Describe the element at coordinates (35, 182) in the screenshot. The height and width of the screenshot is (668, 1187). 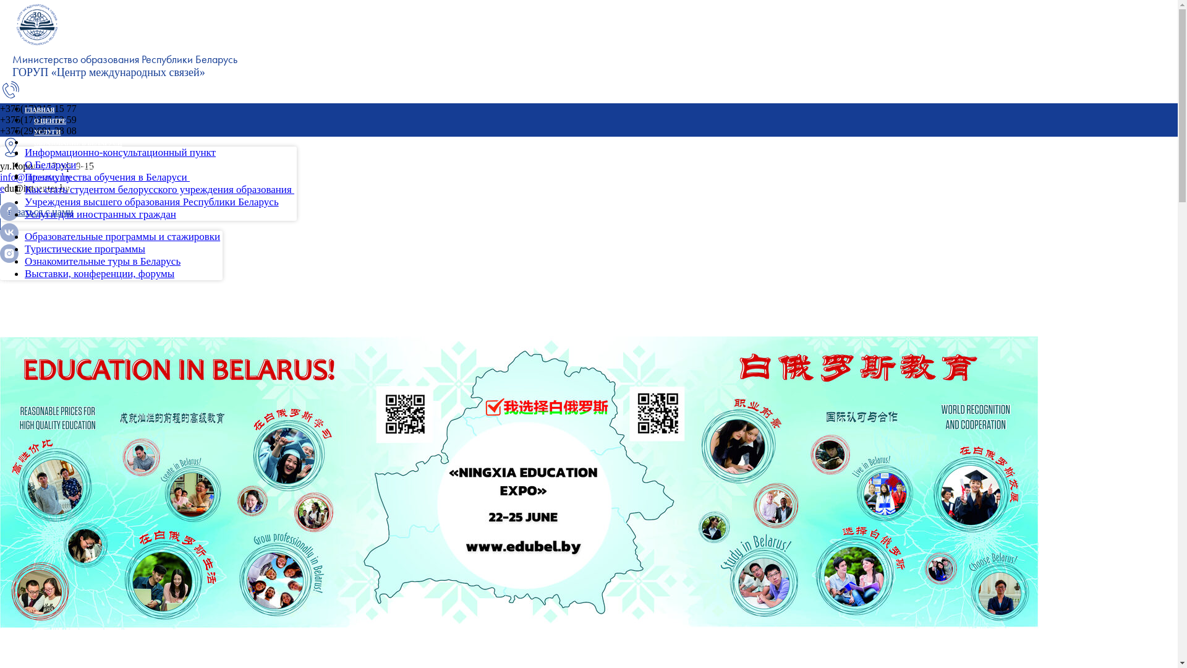
I see `'info@intcenter.by` at that location.